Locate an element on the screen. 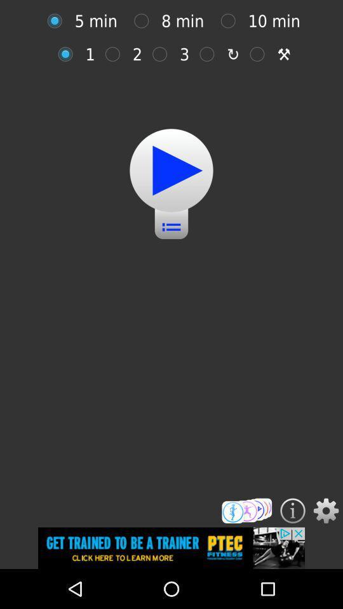  video is located at coordinates (171, 169).